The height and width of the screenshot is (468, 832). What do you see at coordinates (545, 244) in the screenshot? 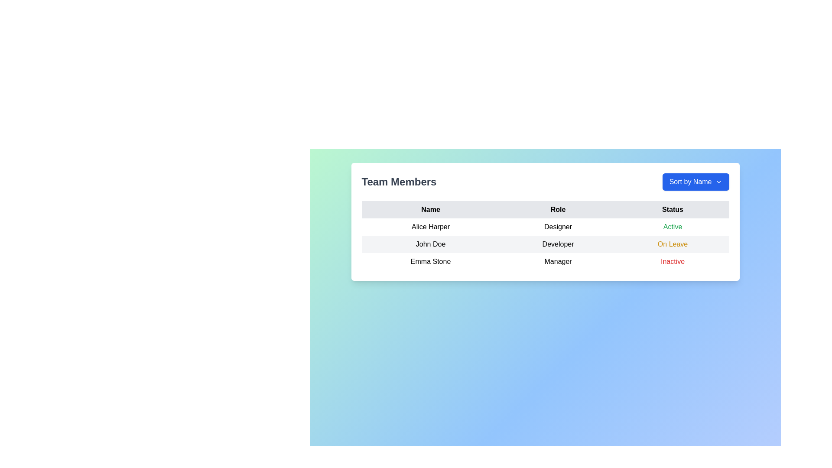
I see `the second row in the team member table, which contains information about the individual team member, located between 'Alice Harper' and 'Emma Stone'` at bounding box center [545, 244].